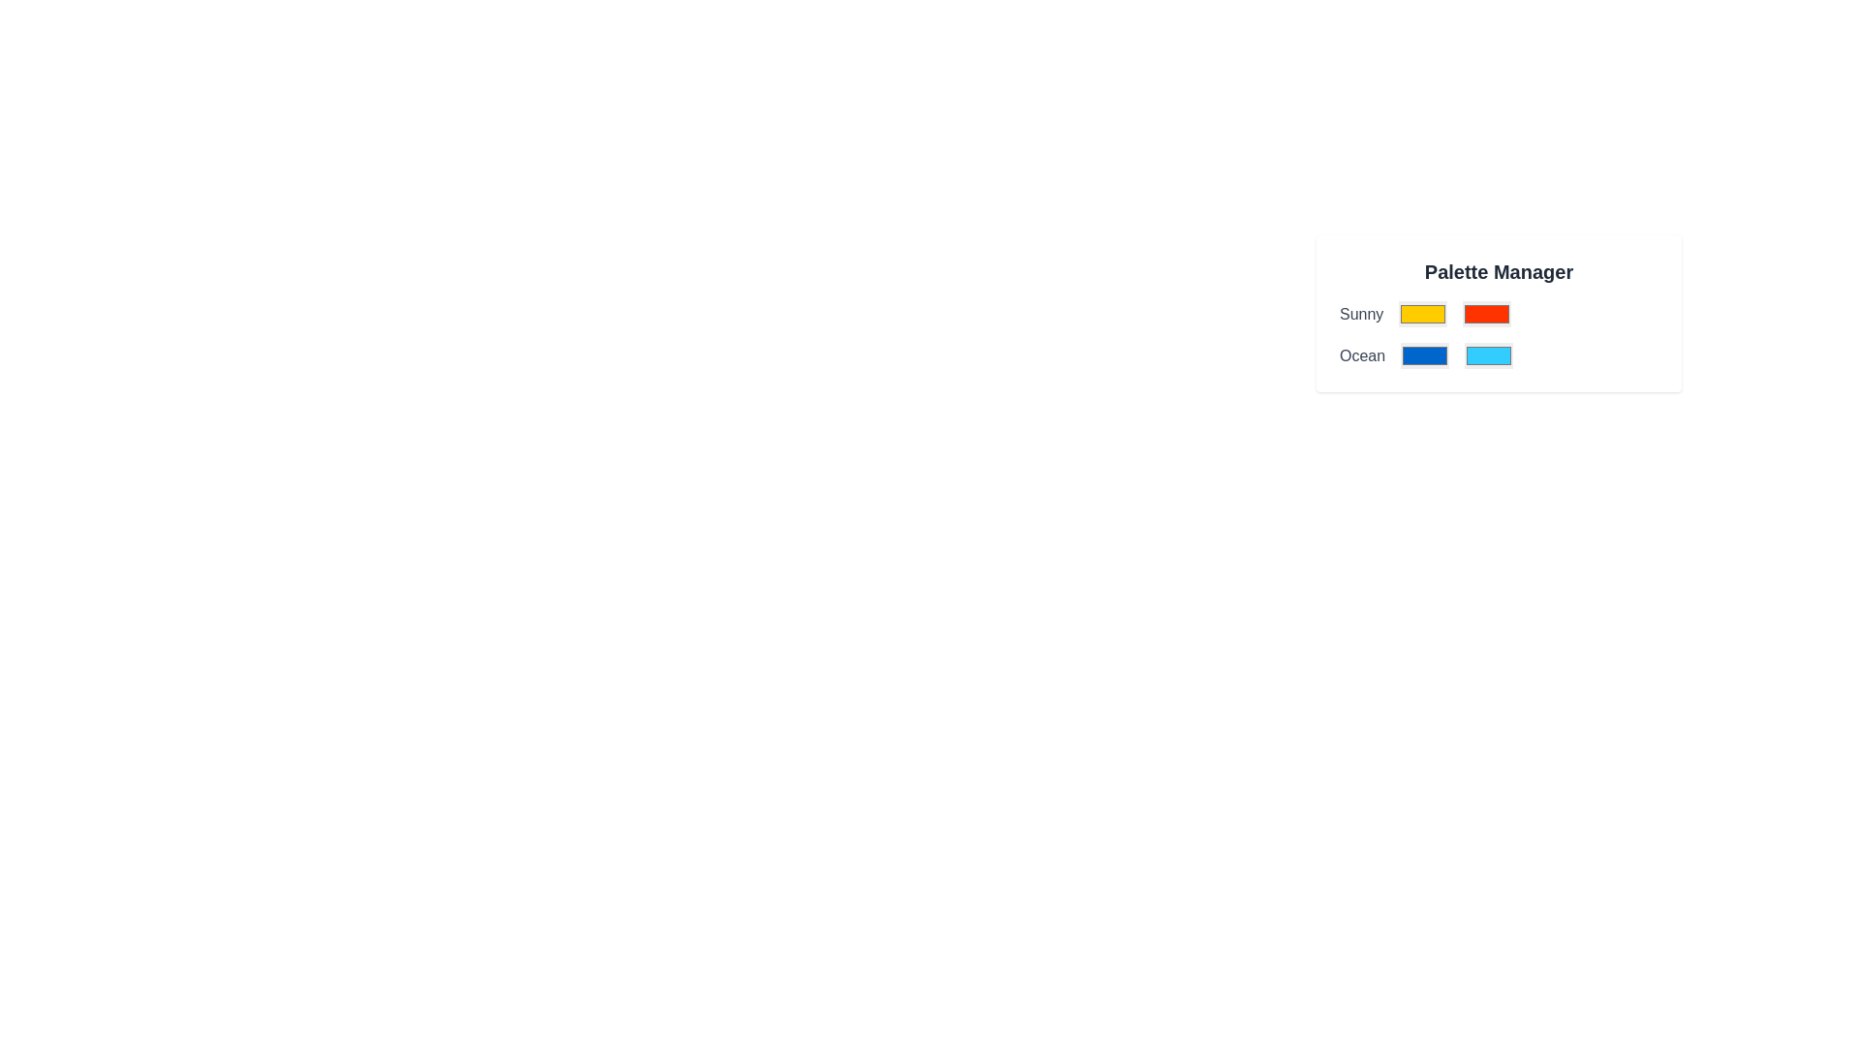 The image size is (1860, 1046). Describe the element at coordinates (1486, 313) in the screenshot. I see `the red color picker, which is the second color option in the 'Sunny' row of the color palette interface` at that location.